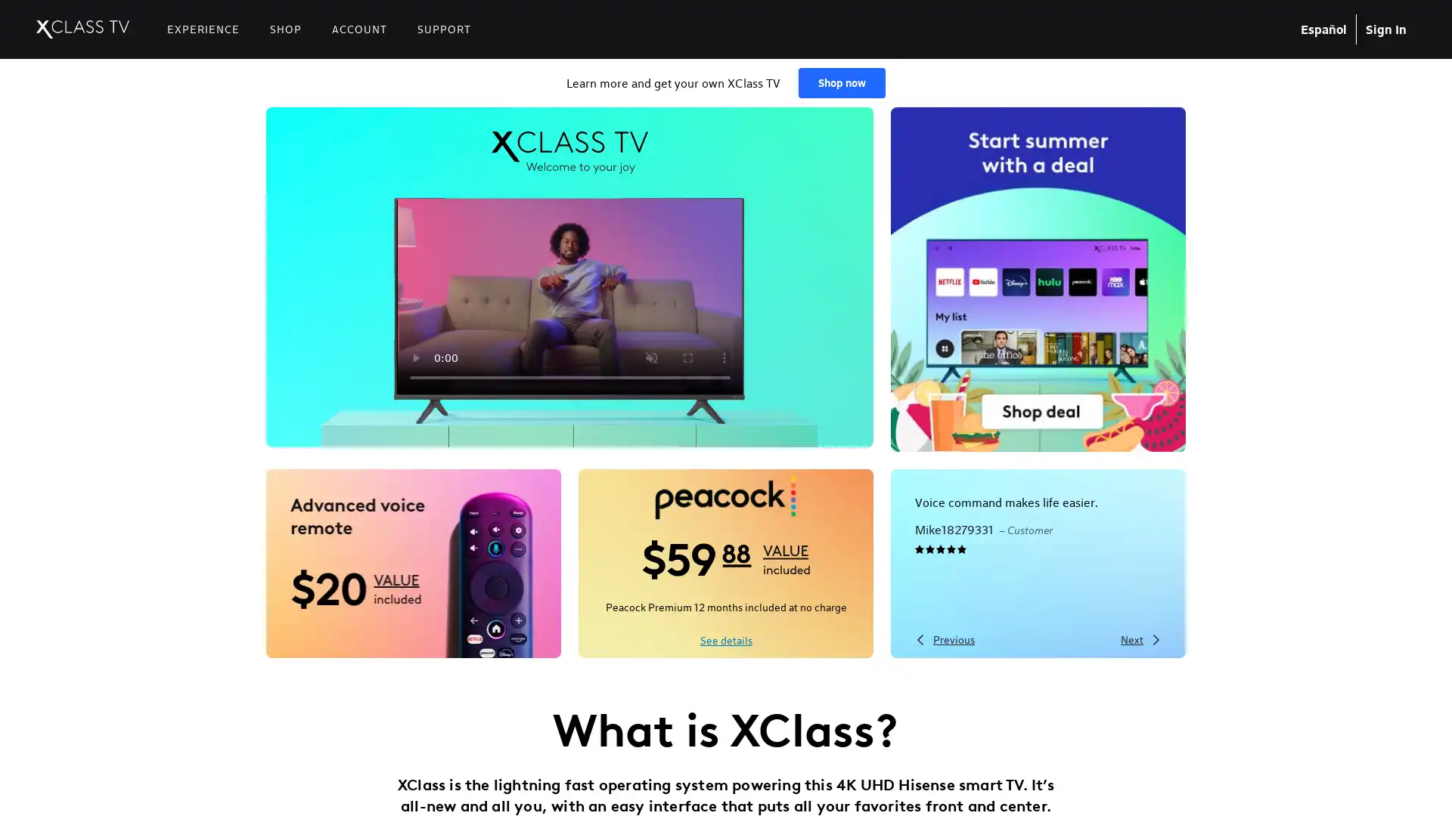  Describe the element at coordinates (722, 358) in the screenshot. I see `show more media controls` at that location.